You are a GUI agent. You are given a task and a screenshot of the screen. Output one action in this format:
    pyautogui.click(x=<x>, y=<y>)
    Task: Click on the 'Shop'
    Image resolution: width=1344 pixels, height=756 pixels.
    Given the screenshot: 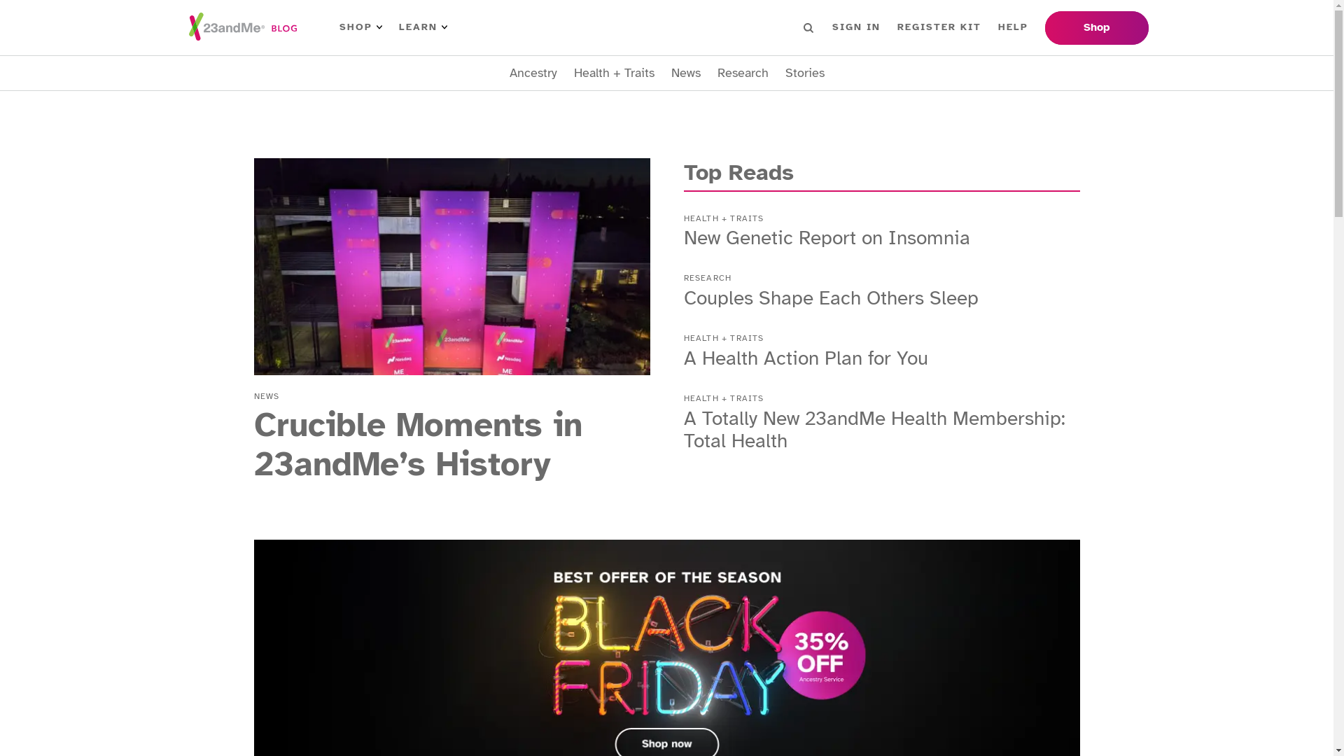 What is the action you would take?
    pyautogui.click(x=1044, y=27)
    